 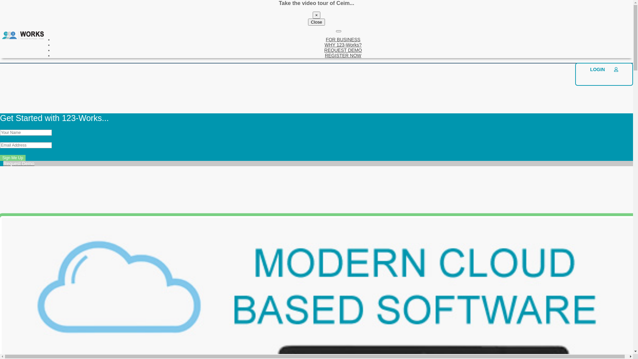 What do you see at coordinates (343, 50) in the screenshot?
I see `'REQUEST DEMO'` at bounding box center [343, 50].